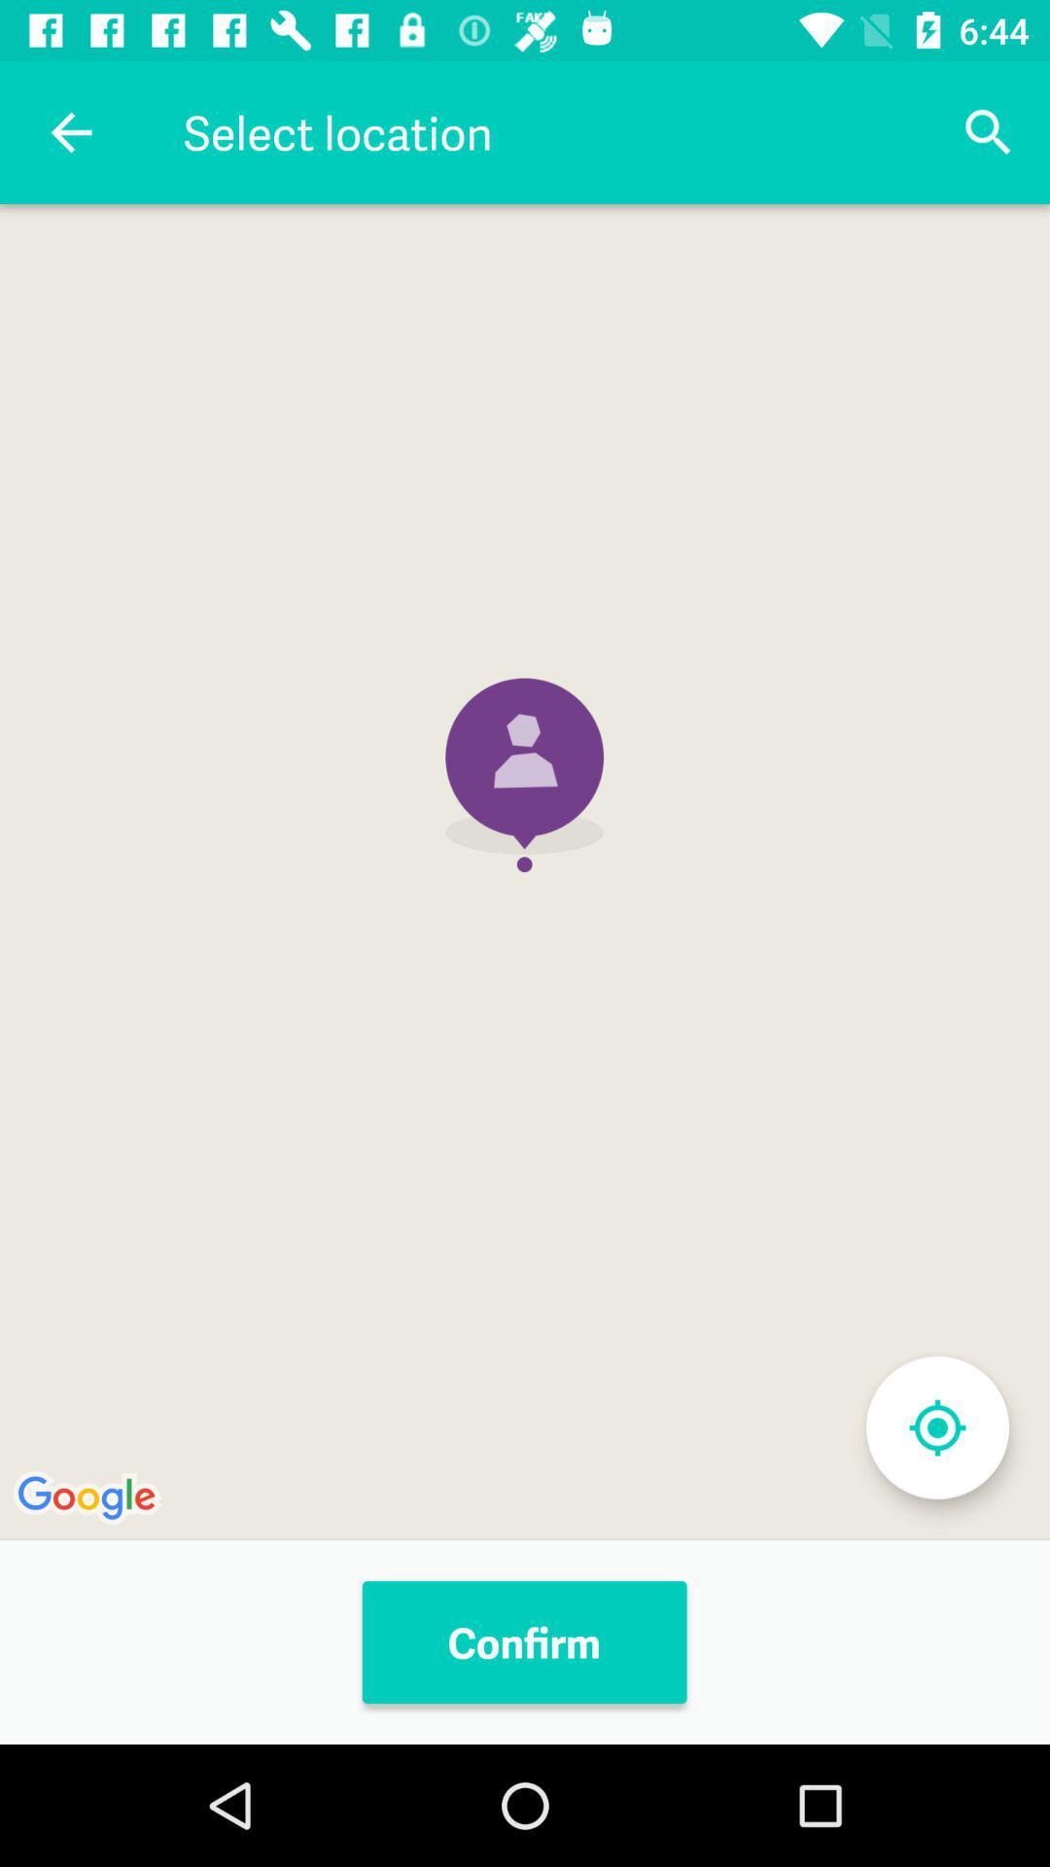 The height and width of the screenshot is (1867, 1050). I want to click on the location_crosshair icon, so click(936, 1427).